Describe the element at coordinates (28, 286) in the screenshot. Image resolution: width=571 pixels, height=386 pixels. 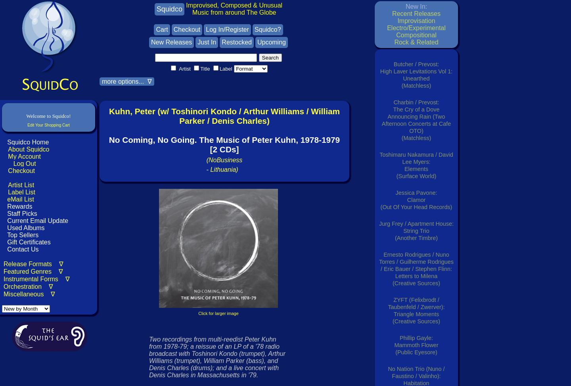
I see `'Orchestration    ∇'` at that location.